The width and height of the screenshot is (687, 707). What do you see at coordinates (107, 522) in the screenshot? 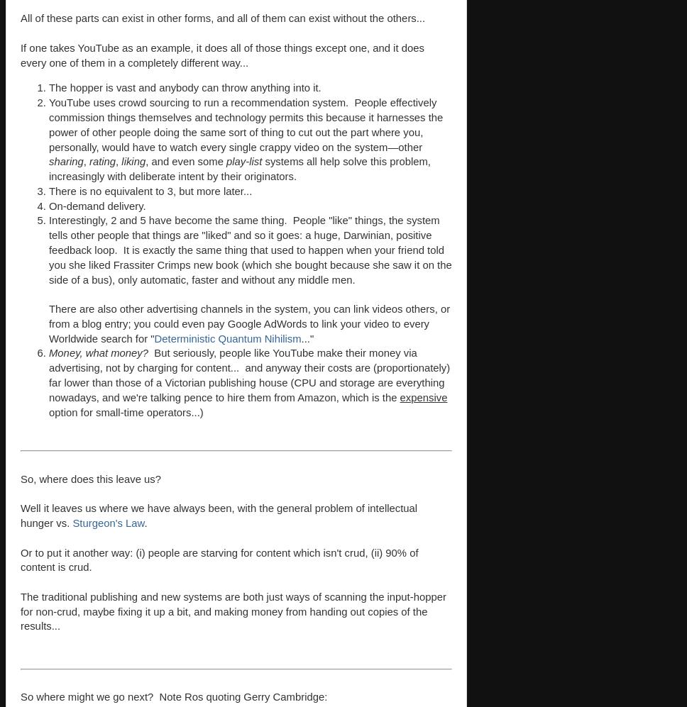
I see `'Sturgeon's Law'` at bounding box center [107, 522].